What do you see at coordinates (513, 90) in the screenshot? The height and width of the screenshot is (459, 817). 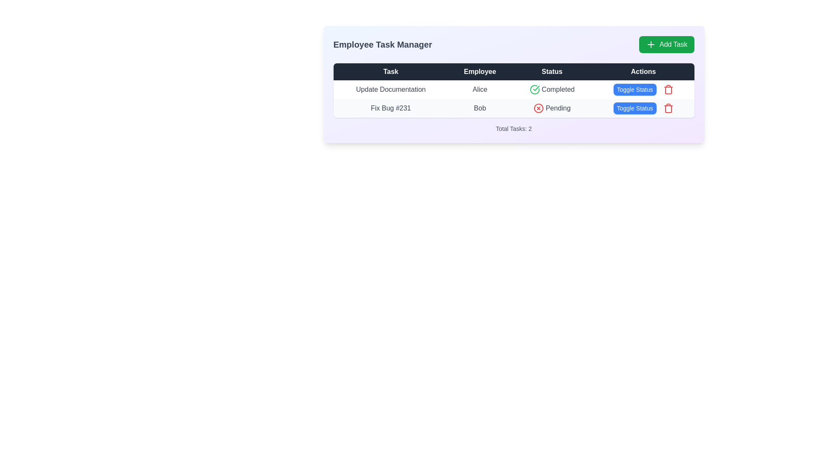 I see `a specific cell in the Data Table located beneath the 'Employee Task Manager' section for interaction` at bounding box center [513, 90].